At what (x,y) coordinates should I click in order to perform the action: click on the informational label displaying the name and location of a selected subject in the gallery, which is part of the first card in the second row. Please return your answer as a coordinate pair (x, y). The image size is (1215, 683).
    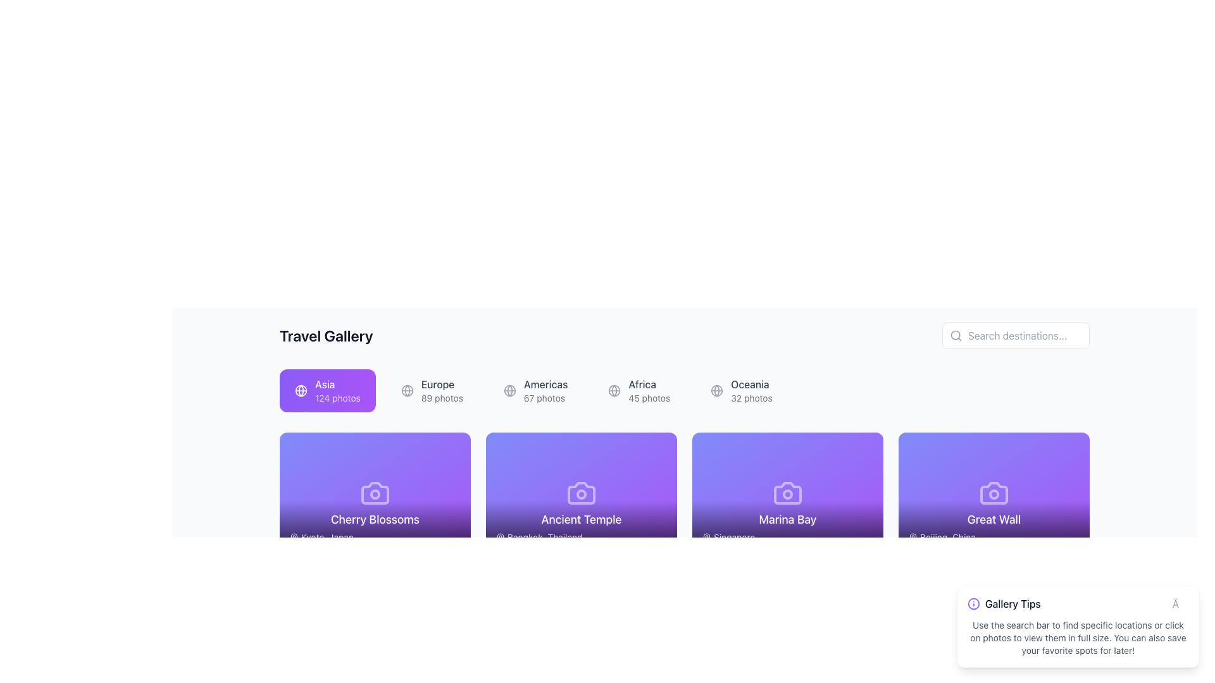
    Looking at the image, I should click on (375, 527).